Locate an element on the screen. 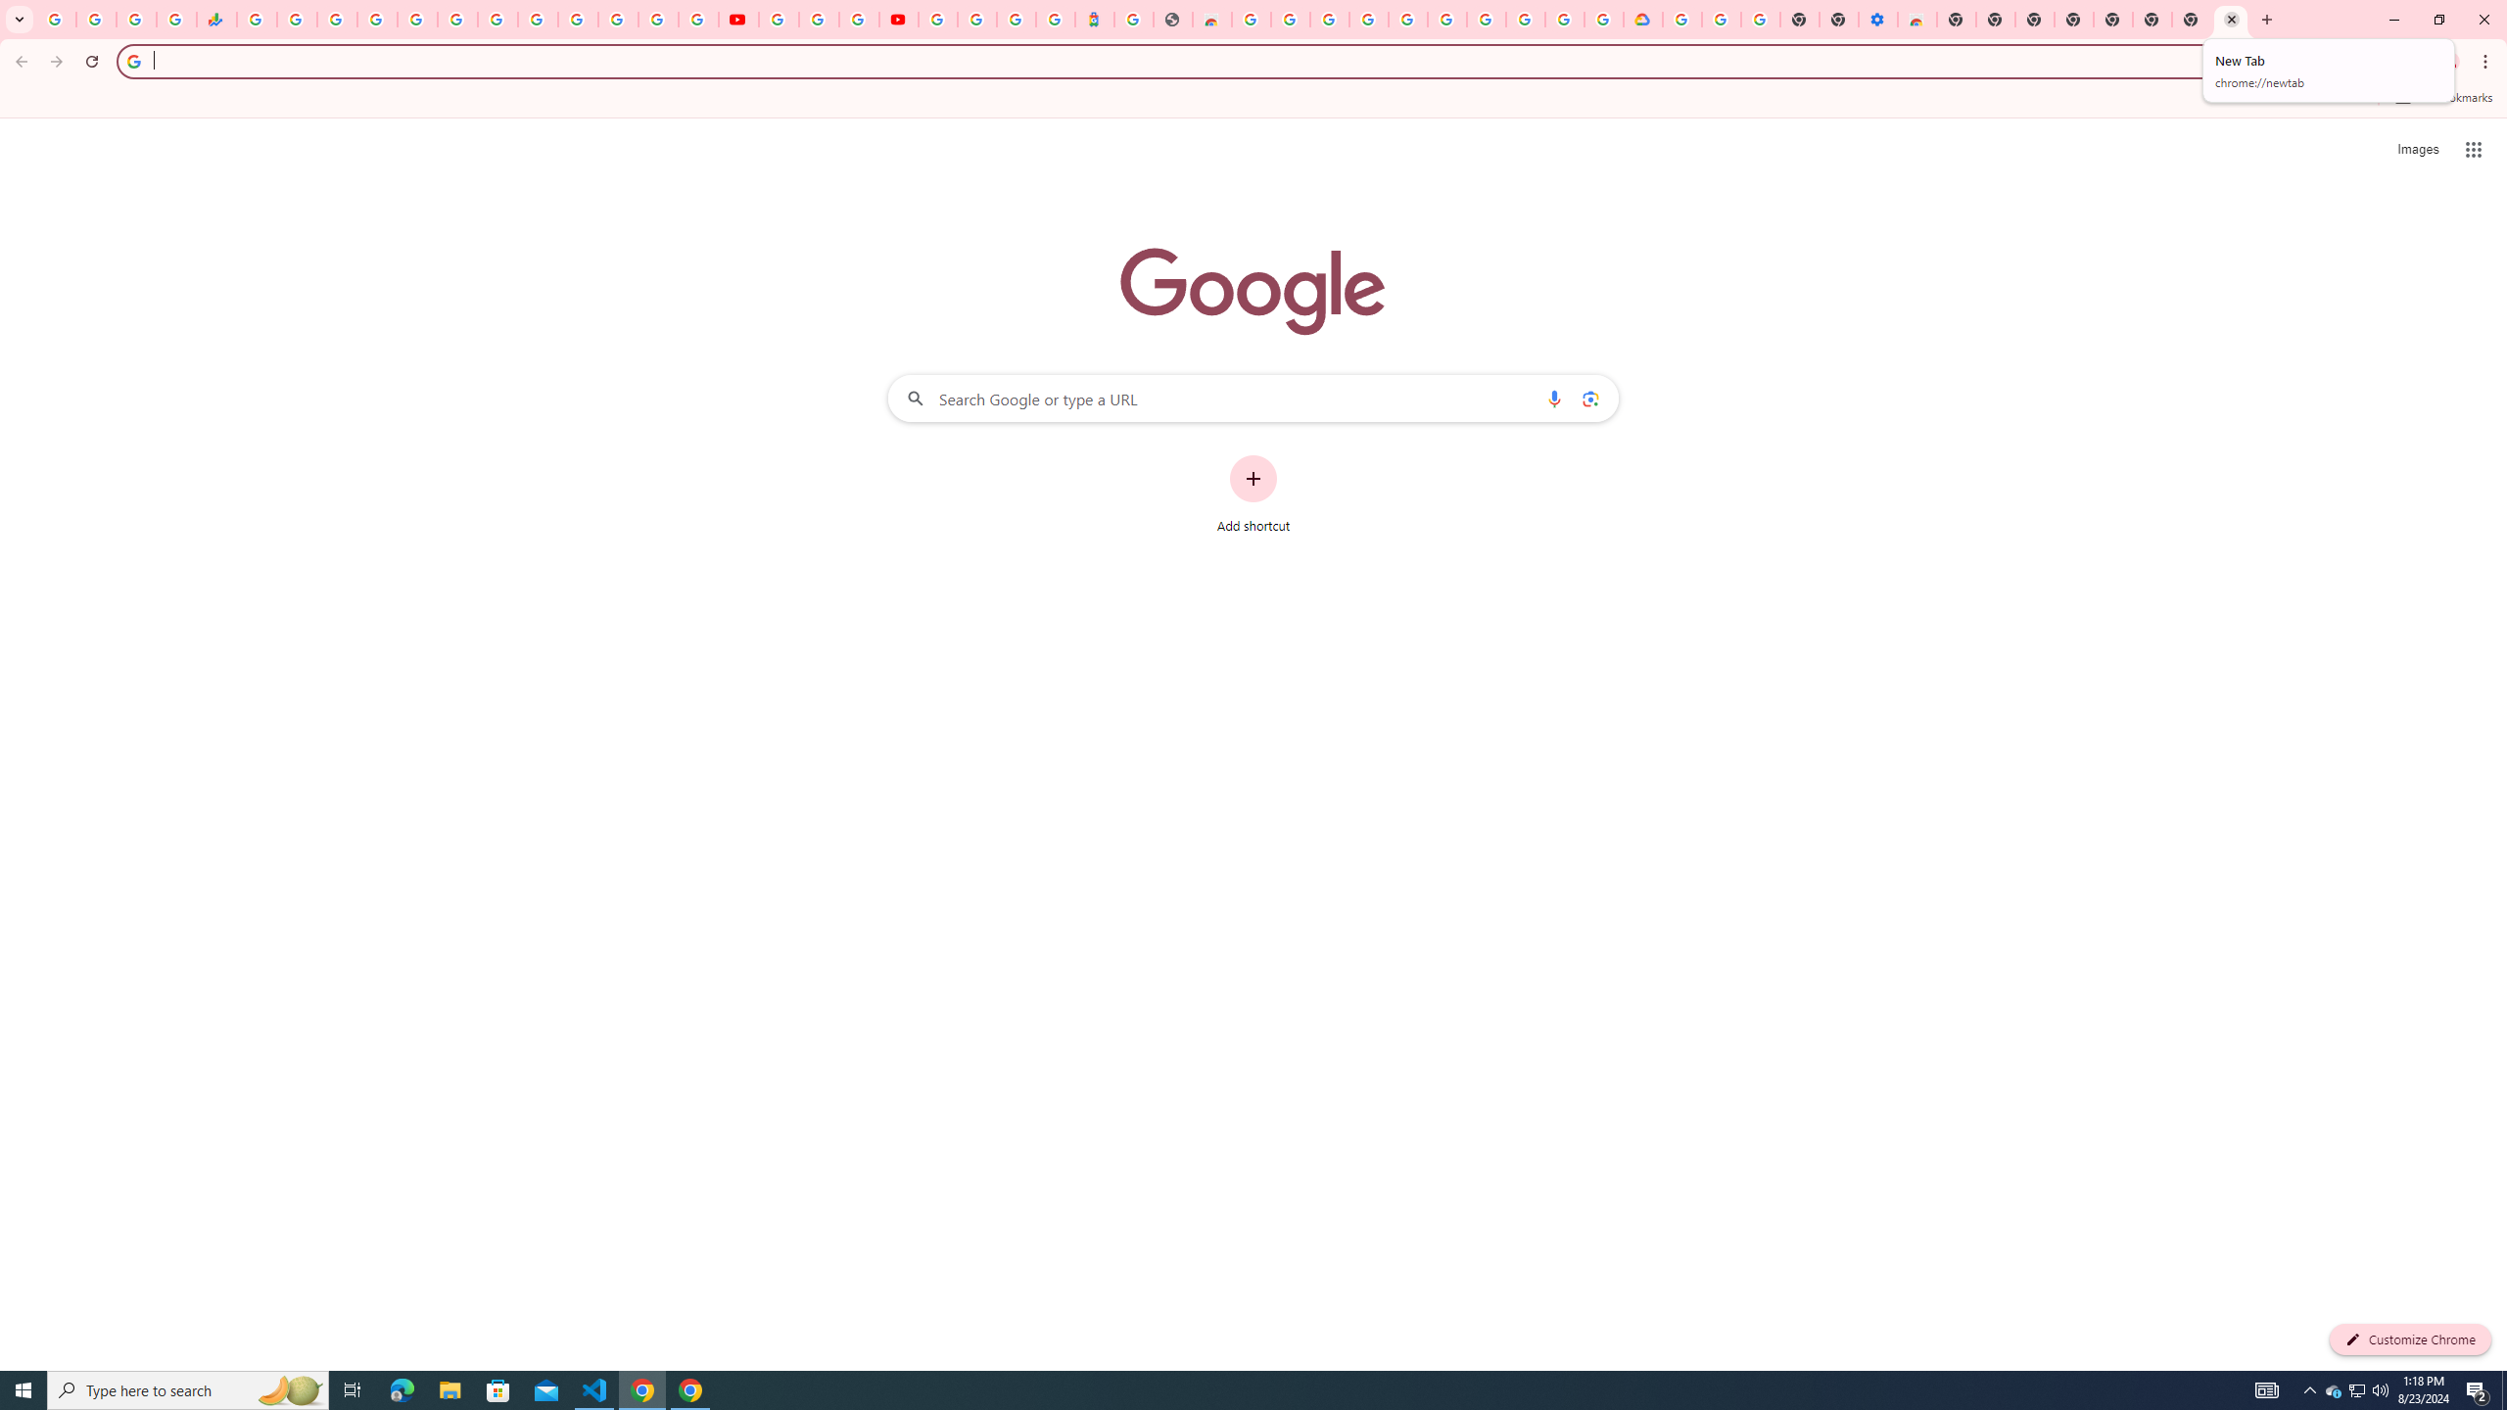 The image size is (2507, 1410). 'Ad Settings' is located at coordinates (1368, 19).